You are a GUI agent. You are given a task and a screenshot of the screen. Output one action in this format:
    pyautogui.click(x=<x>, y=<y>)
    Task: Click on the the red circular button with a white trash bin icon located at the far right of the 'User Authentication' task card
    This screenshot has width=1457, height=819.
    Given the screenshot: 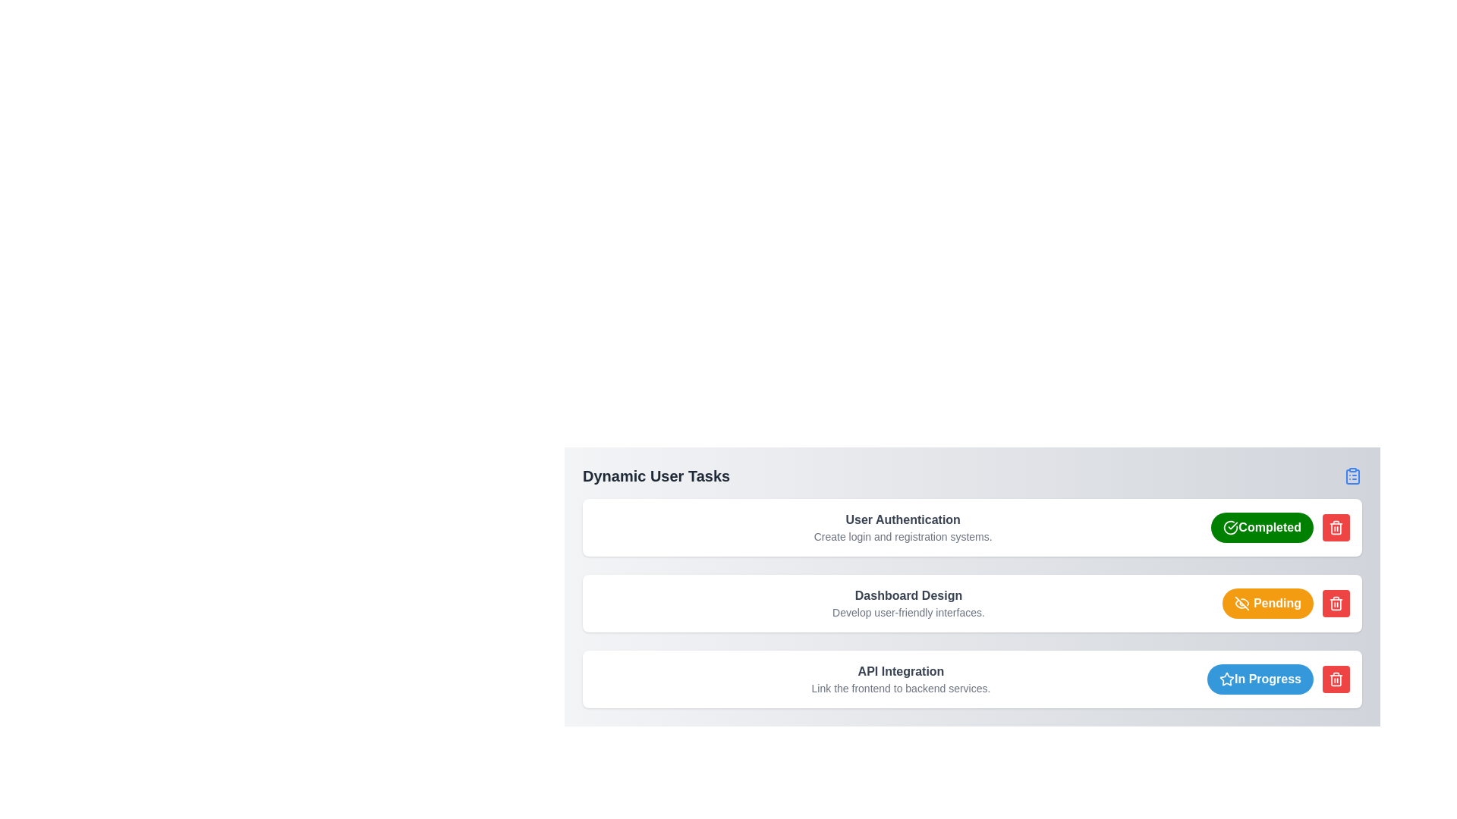 What is the action you would take?
    pyautogui.click(x=1336, y=526)
    